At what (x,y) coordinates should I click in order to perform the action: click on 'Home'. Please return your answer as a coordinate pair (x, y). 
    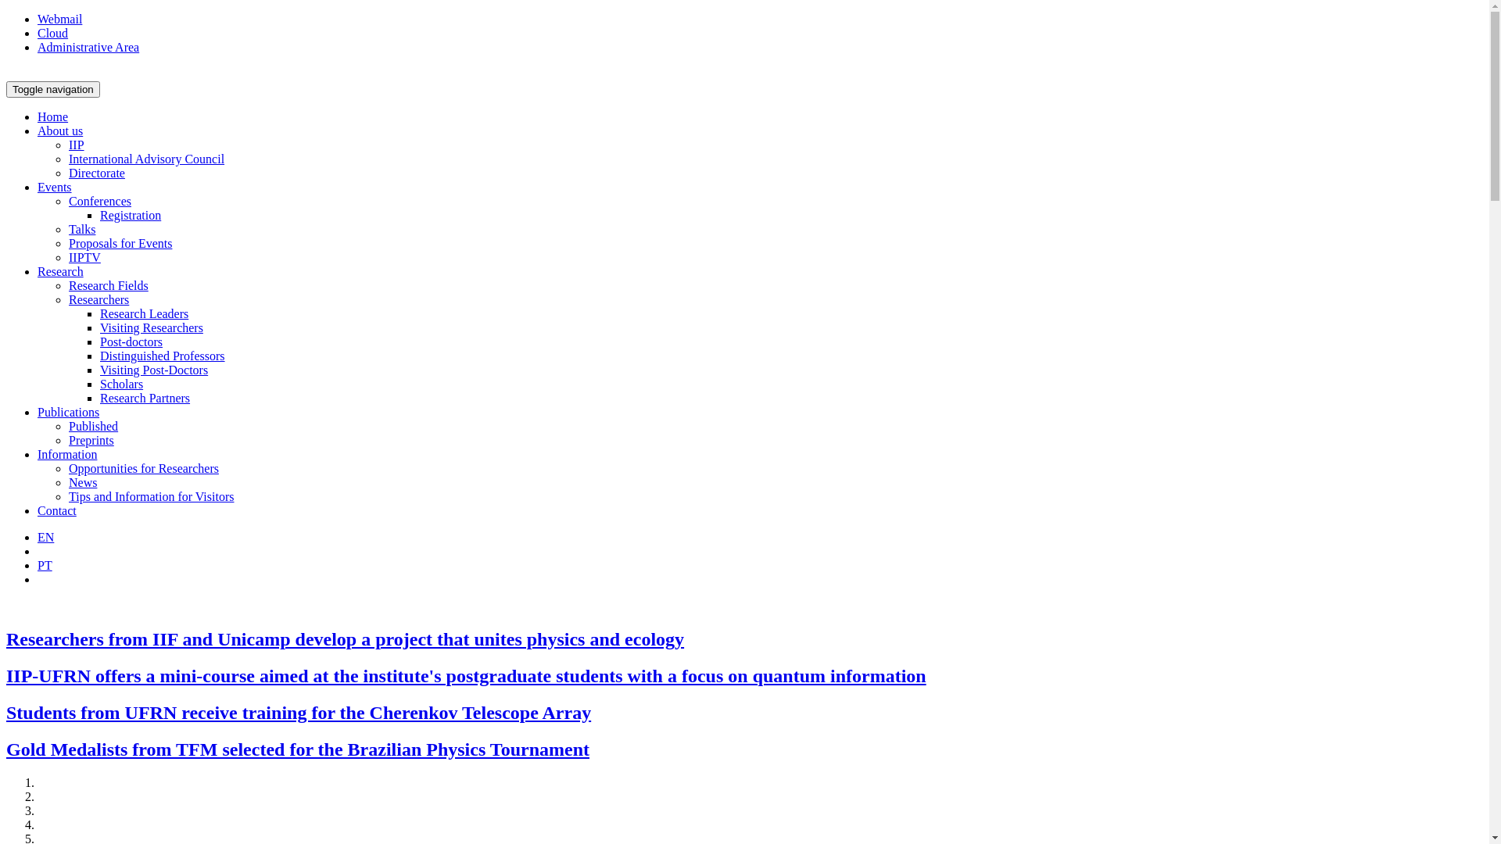
    Looking at the image, I should click on (52, 116).